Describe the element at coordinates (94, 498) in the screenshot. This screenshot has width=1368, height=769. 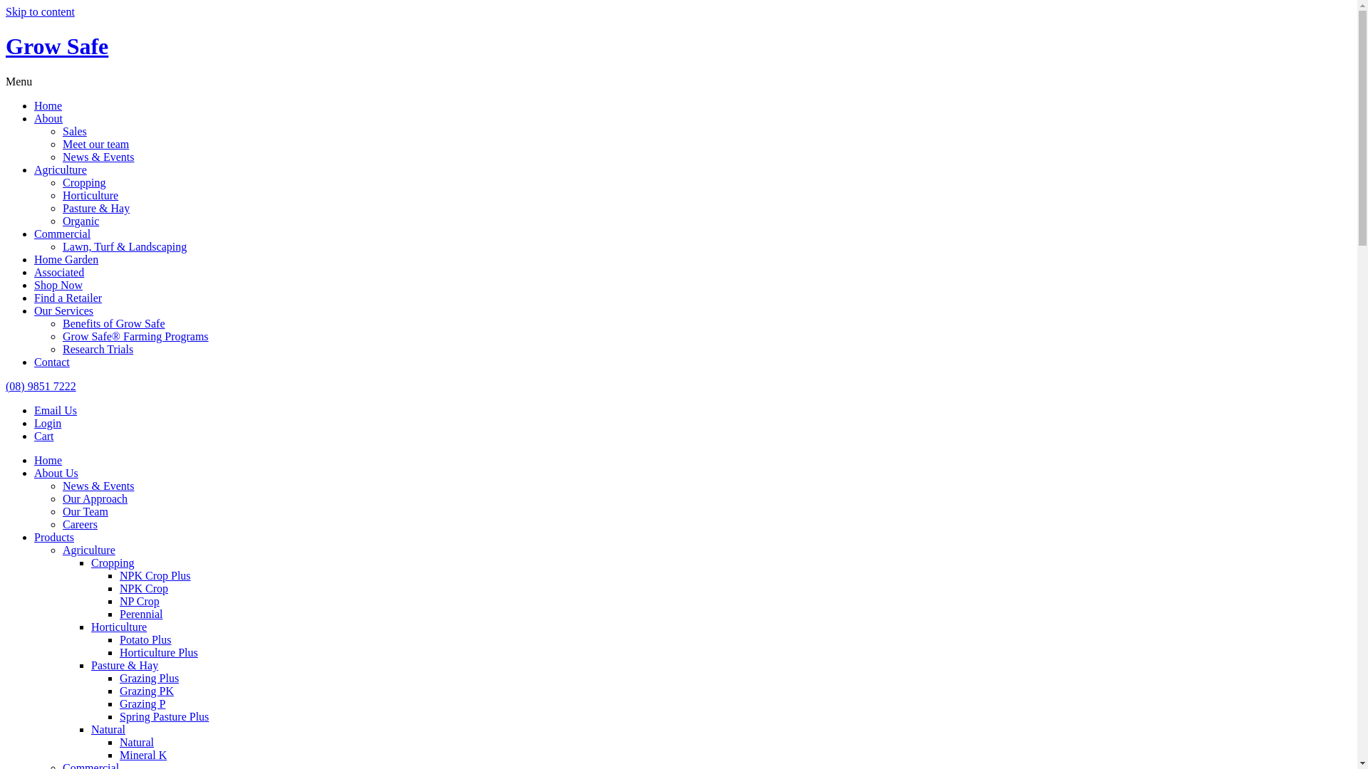
I see `'Our Approach'` at that location.